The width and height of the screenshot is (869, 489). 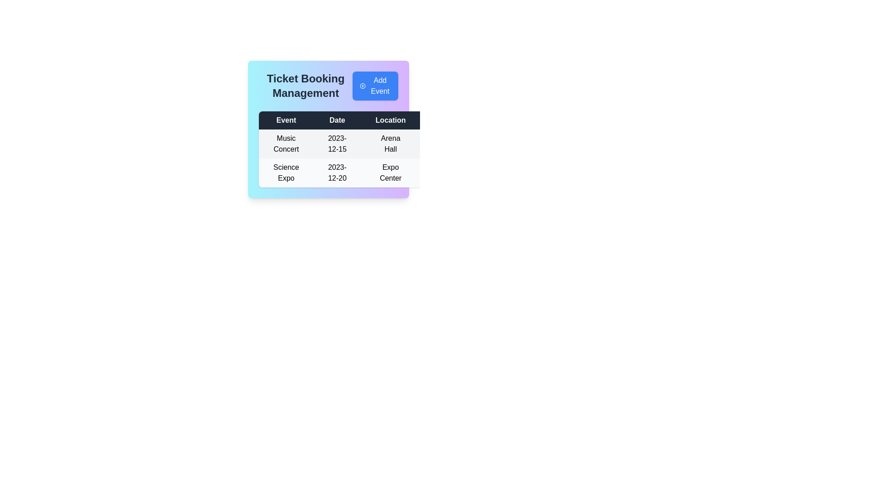 What do you see at coordinates (363, 86) in the screenshot?
I see `the icon that represents the action of adding an event, located at the leftmost side of the 'Add Event' button` at bounding box center [363, 86].